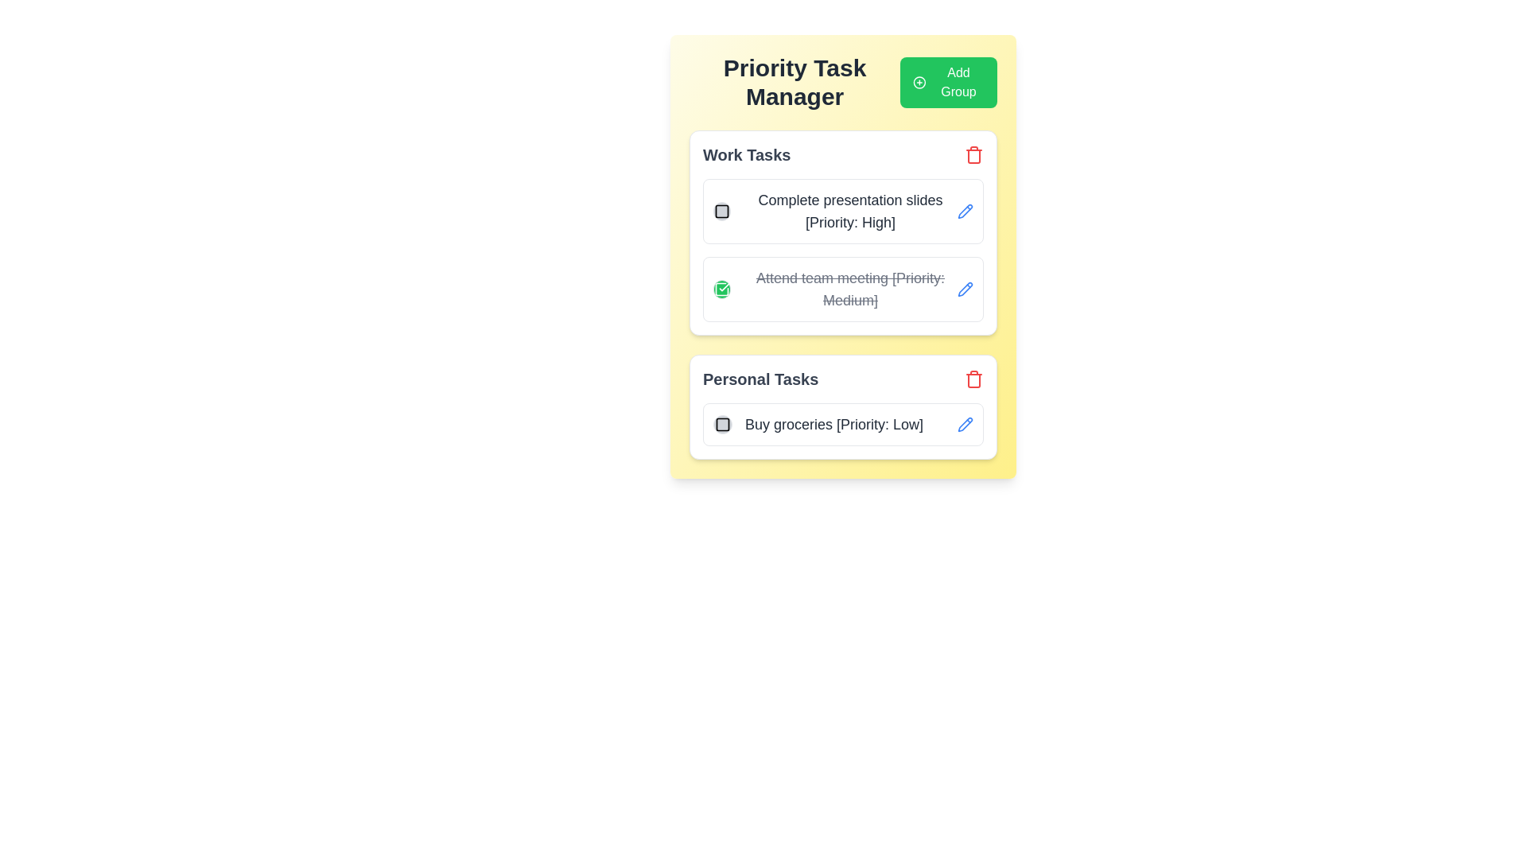  What do you see at coordinates (973, 155) in the screenshot?
I see `the red trash can icon button located to the far right of the 'Work Tasks' section header` at bounding box center [973, 155].